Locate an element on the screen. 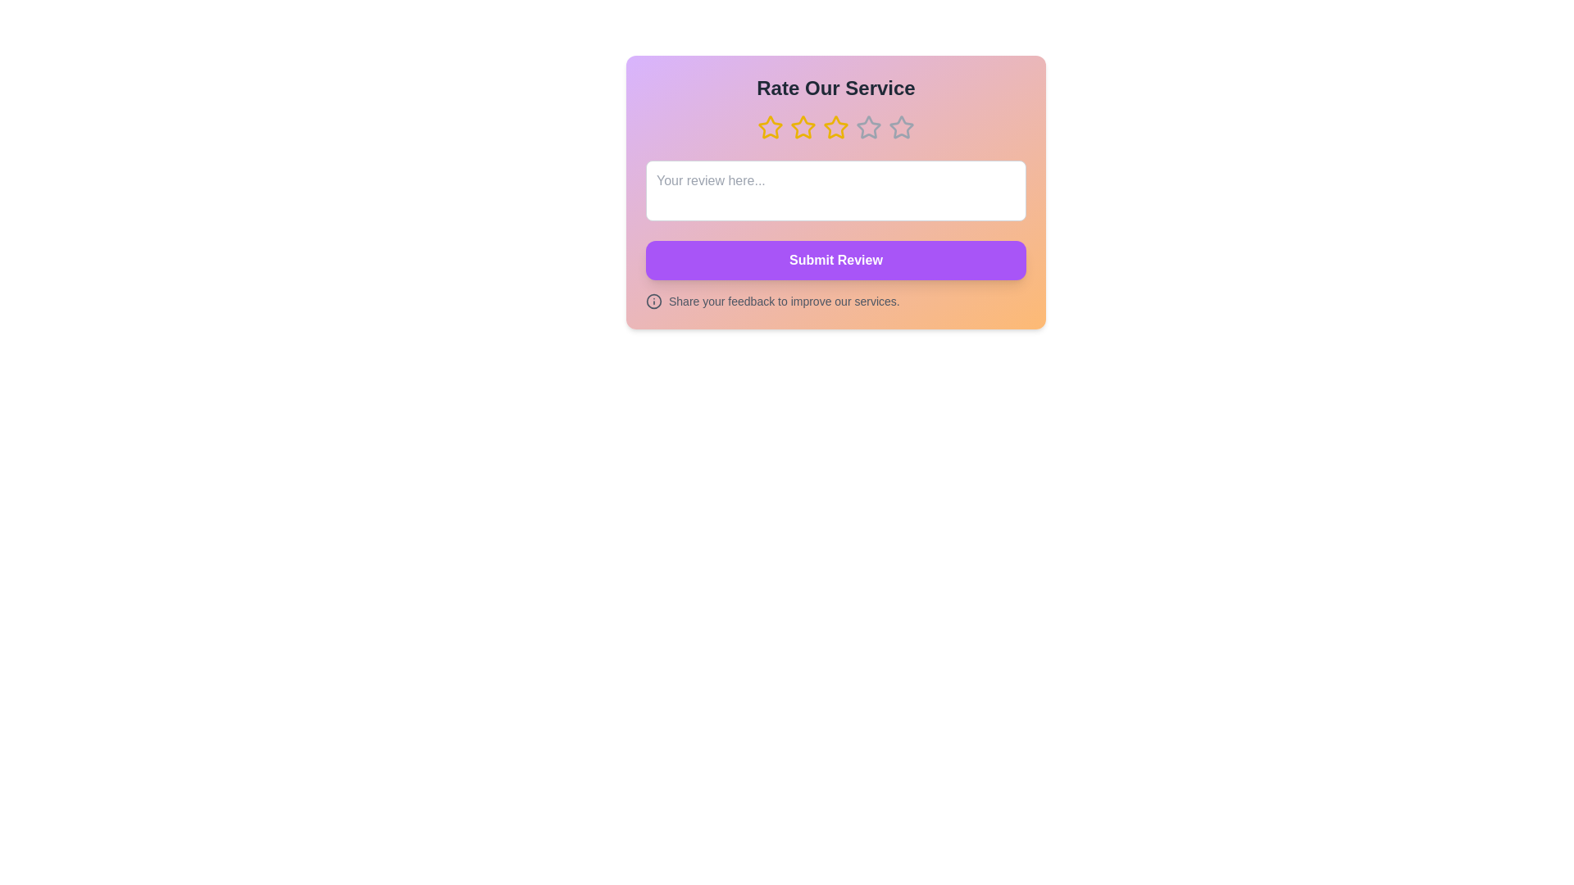 The width and height of the screenshot is (1574, 885). the decorative or informative icon located to the left of the text 'Share your feedback to improve our services.' is located at coordinates (653, 301).